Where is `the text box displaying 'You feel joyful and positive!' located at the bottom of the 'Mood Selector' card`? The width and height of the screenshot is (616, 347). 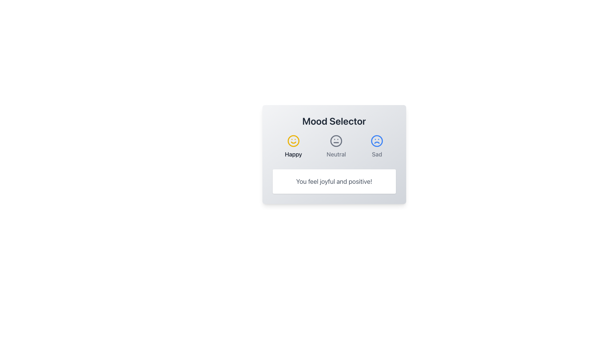 the text box displaying 'You feel joyful and positive!' located at the bottom of the 'Mood Selector' card is located at coordinates (334, 181).